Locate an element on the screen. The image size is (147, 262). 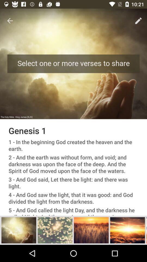
the avatar icon is located at coordinates (55, 230).